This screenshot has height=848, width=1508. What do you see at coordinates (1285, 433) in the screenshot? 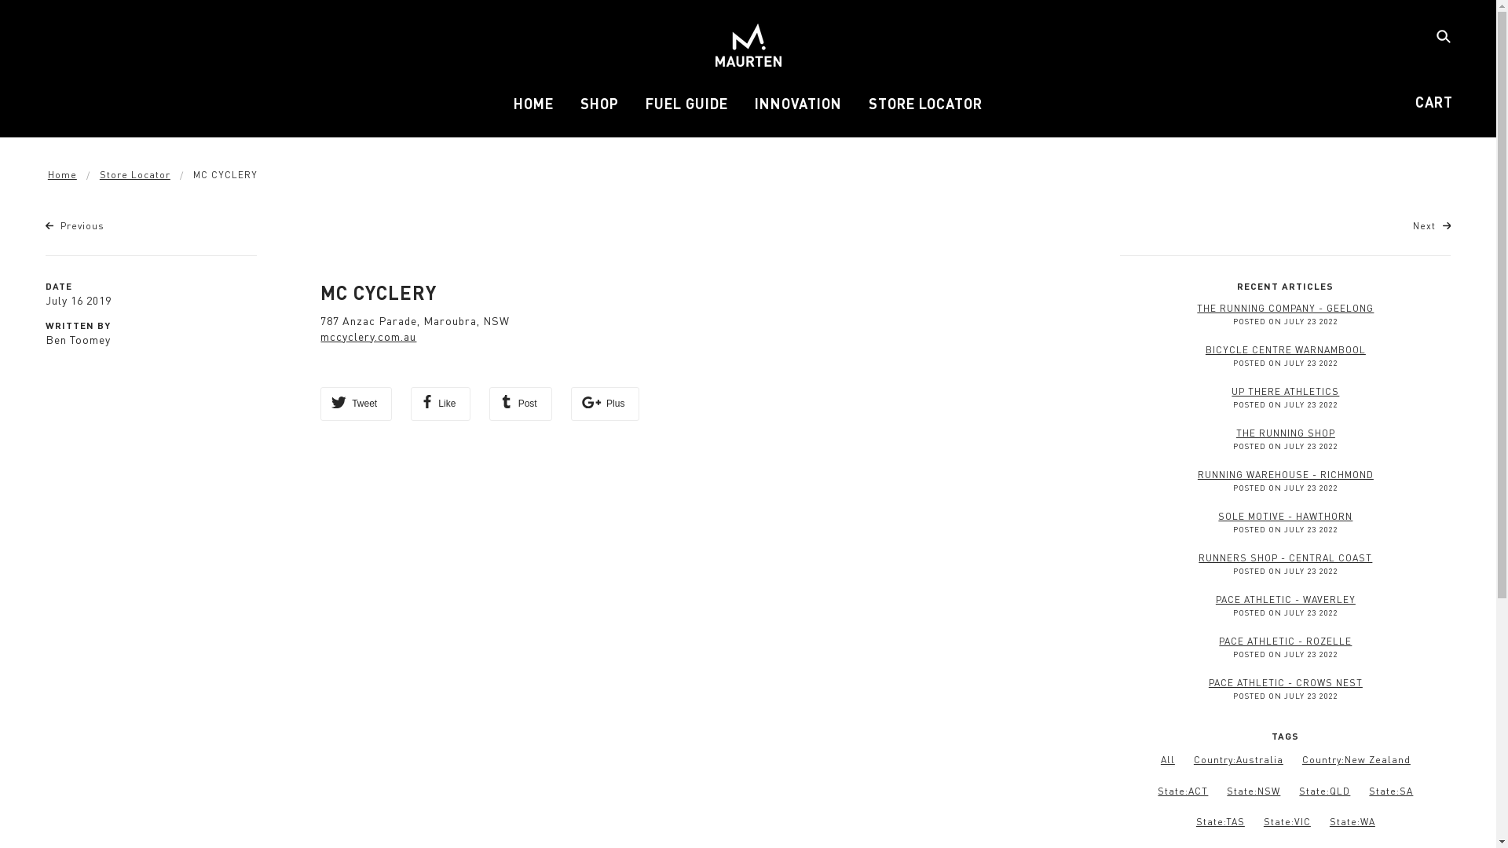
I see `'THE RUNNING SHOP'` at bounding box center [1285, 433].